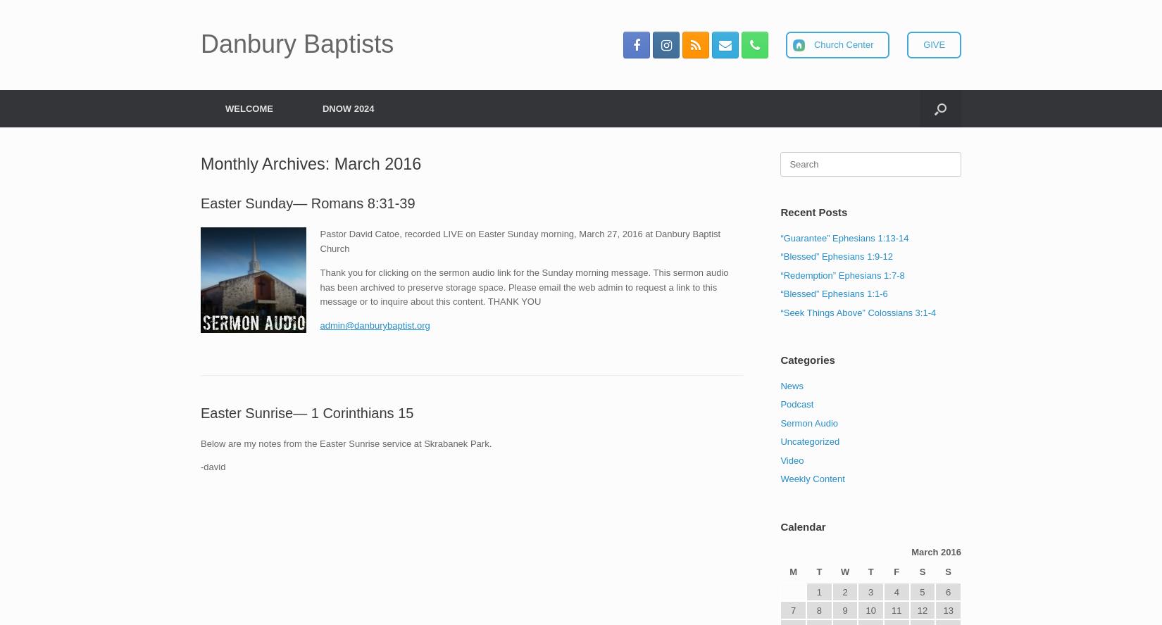  I want to click on 'DNOW 2024', so click(347, 108).